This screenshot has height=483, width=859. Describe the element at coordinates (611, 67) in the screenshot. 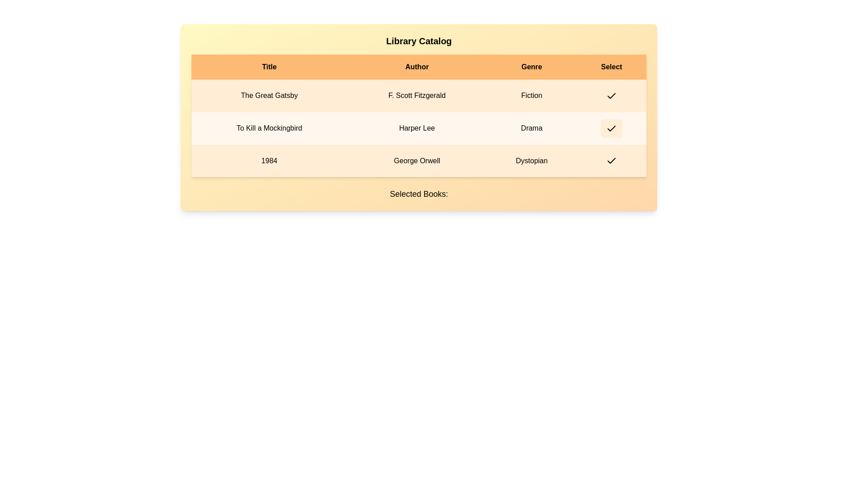

I see `the header element that categorizes the selection functionalities, positioned as the fourth tab in a horizontal row, following the tabs labeled 'Title', 'Author', and 'Genre'` at that location.